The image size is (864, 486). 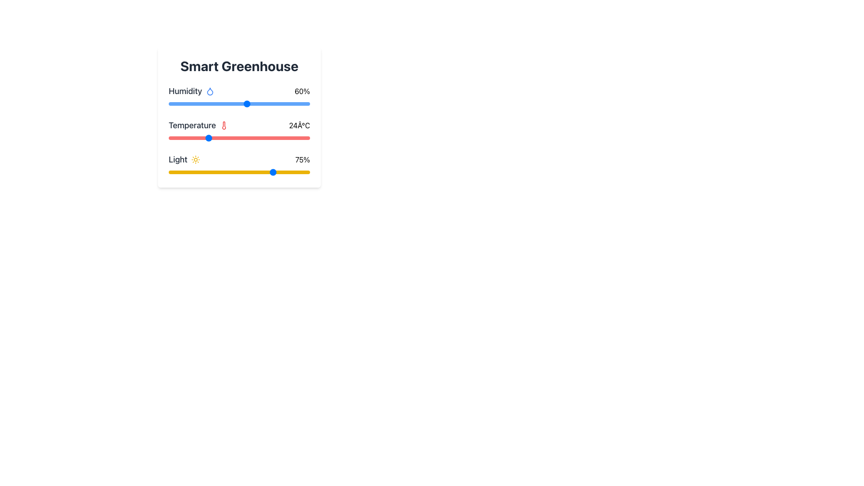 I want to click on the Humidity slider, so click(x=219, y=103).